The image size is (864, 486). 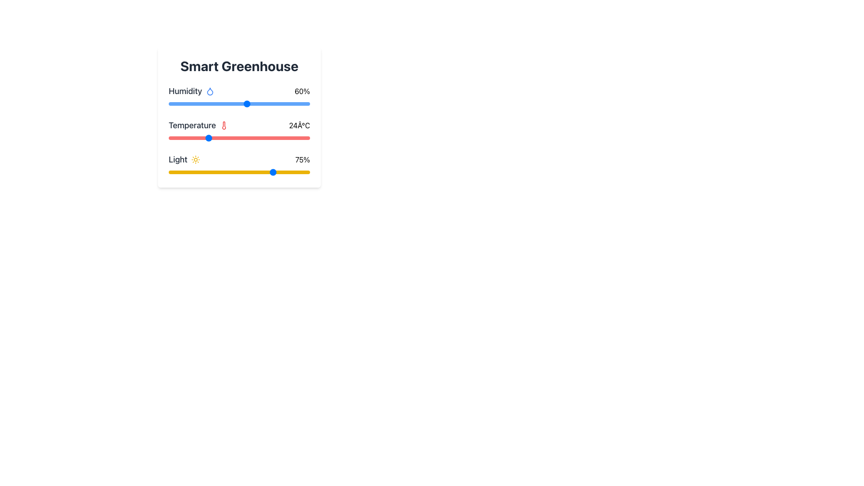 I want to click on the Humidity slider, so click(x=219, y=103).